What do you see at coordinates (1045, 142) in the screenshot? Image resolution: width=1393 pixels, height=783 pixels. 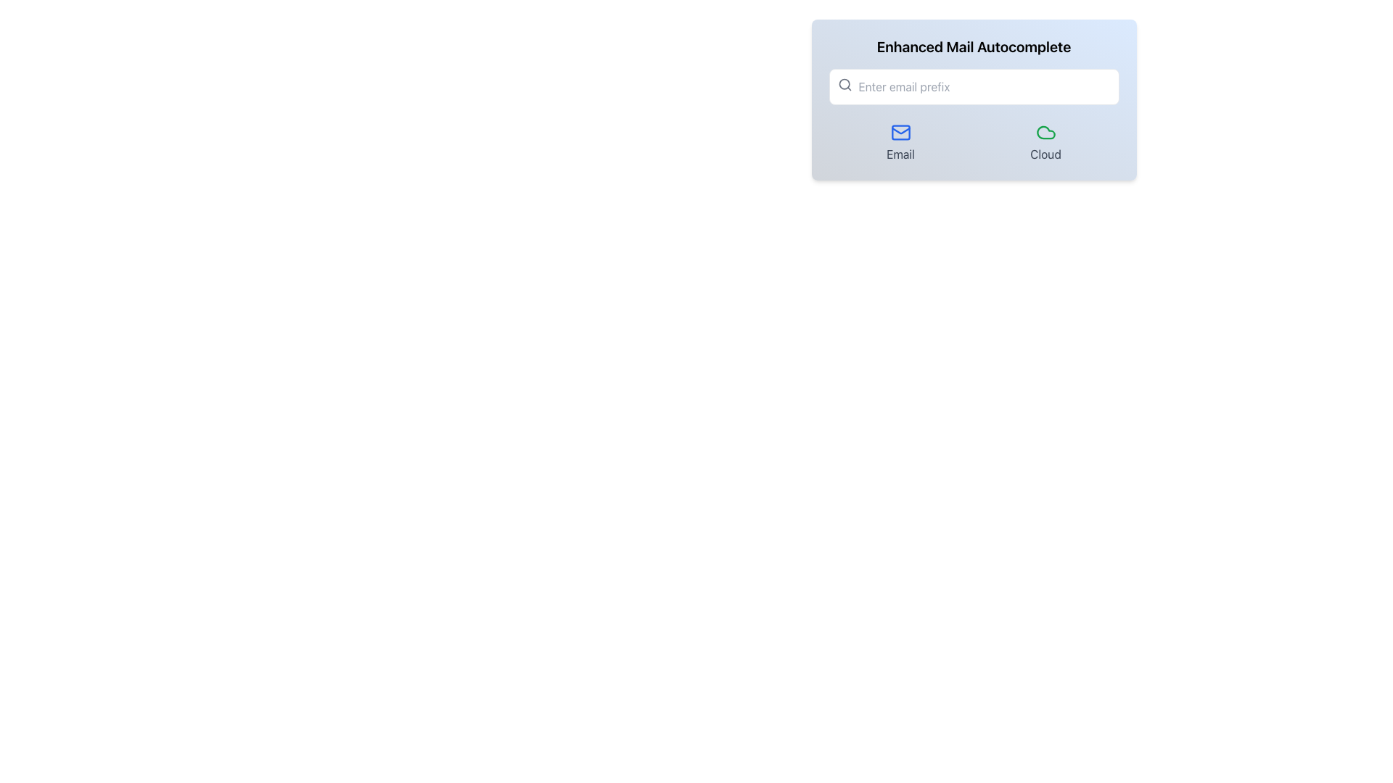 I see `the second composite clickable label with a green cloud-shaped icon and the text 'Cloud'` at bounding box center [1045, 142].